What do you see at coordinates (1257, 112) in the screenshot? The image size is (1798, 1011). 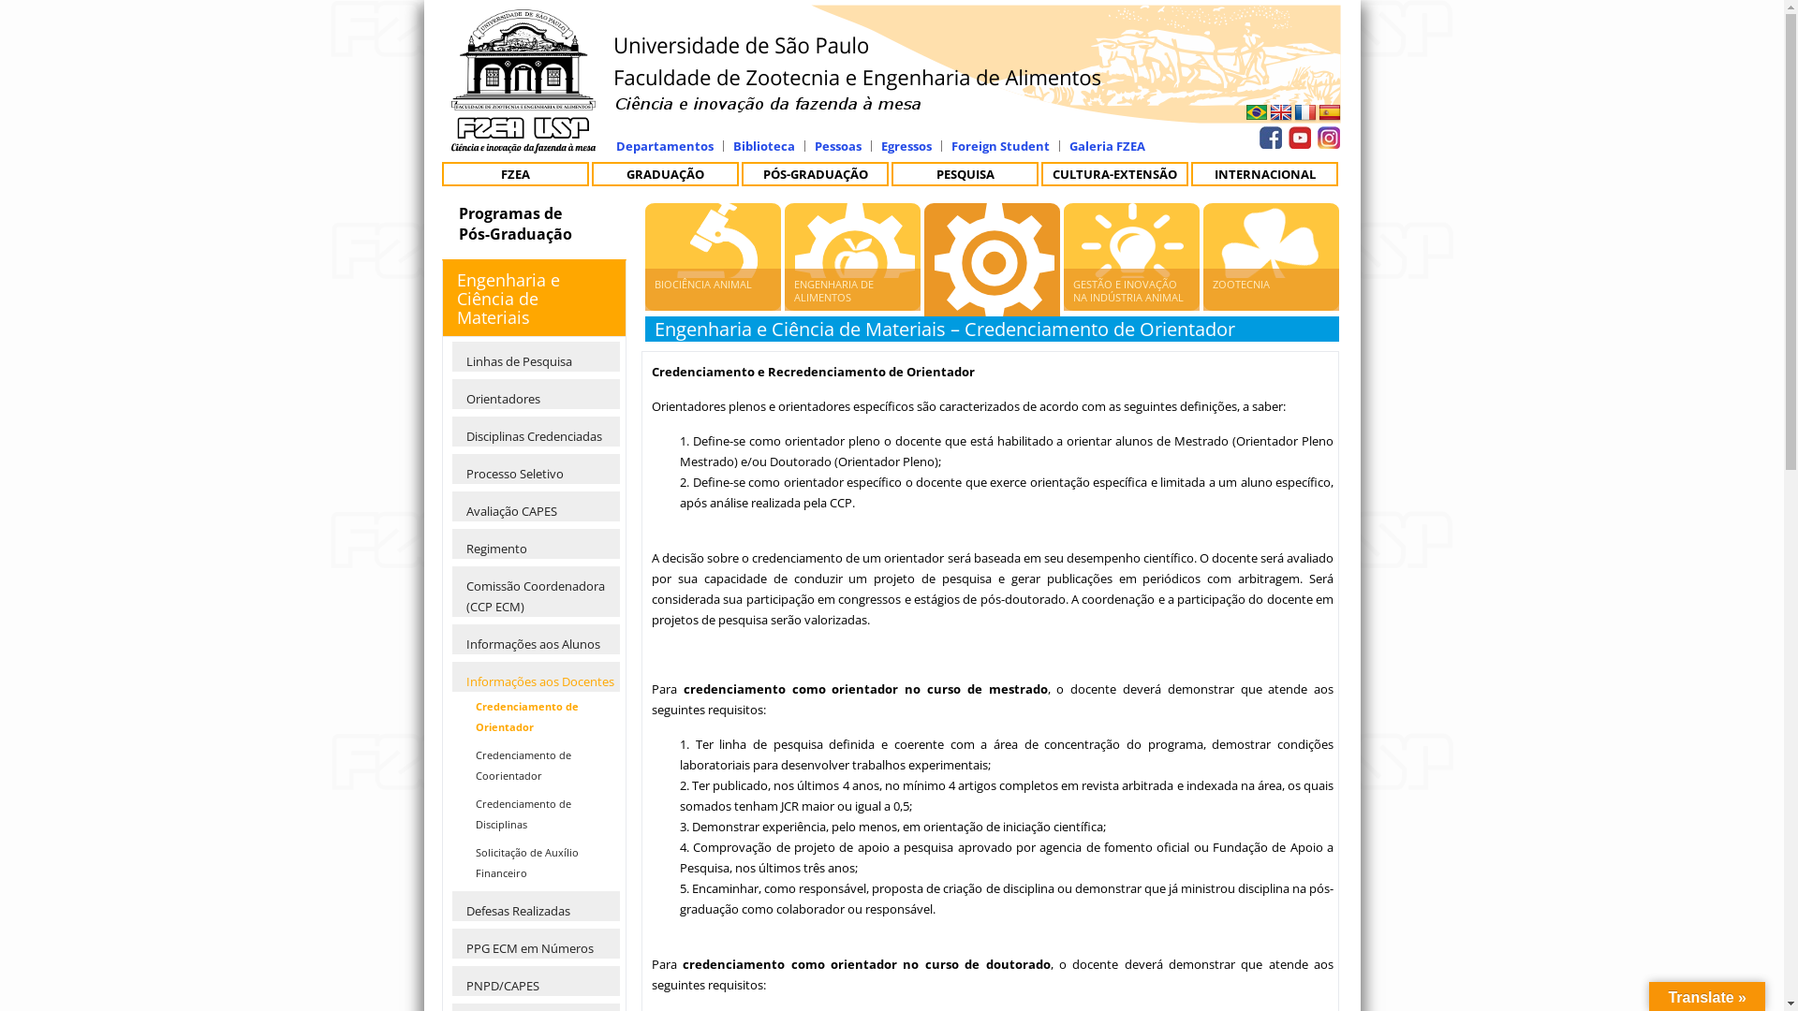 I see `' '` at bounding box center [1257, 112].